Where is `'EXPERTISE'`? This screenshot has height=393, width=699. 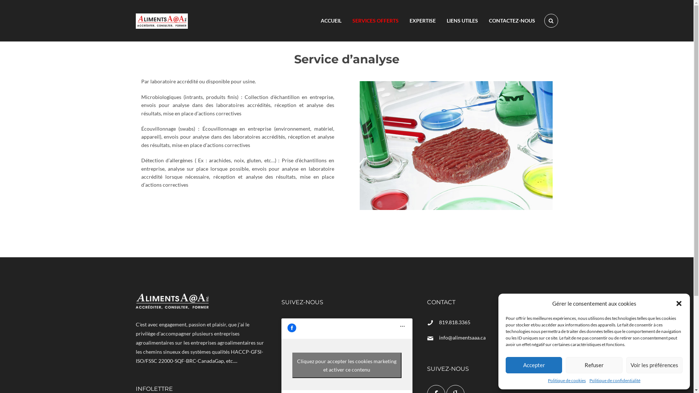 'EXPERTISE' is located at coordinates (423, 20).